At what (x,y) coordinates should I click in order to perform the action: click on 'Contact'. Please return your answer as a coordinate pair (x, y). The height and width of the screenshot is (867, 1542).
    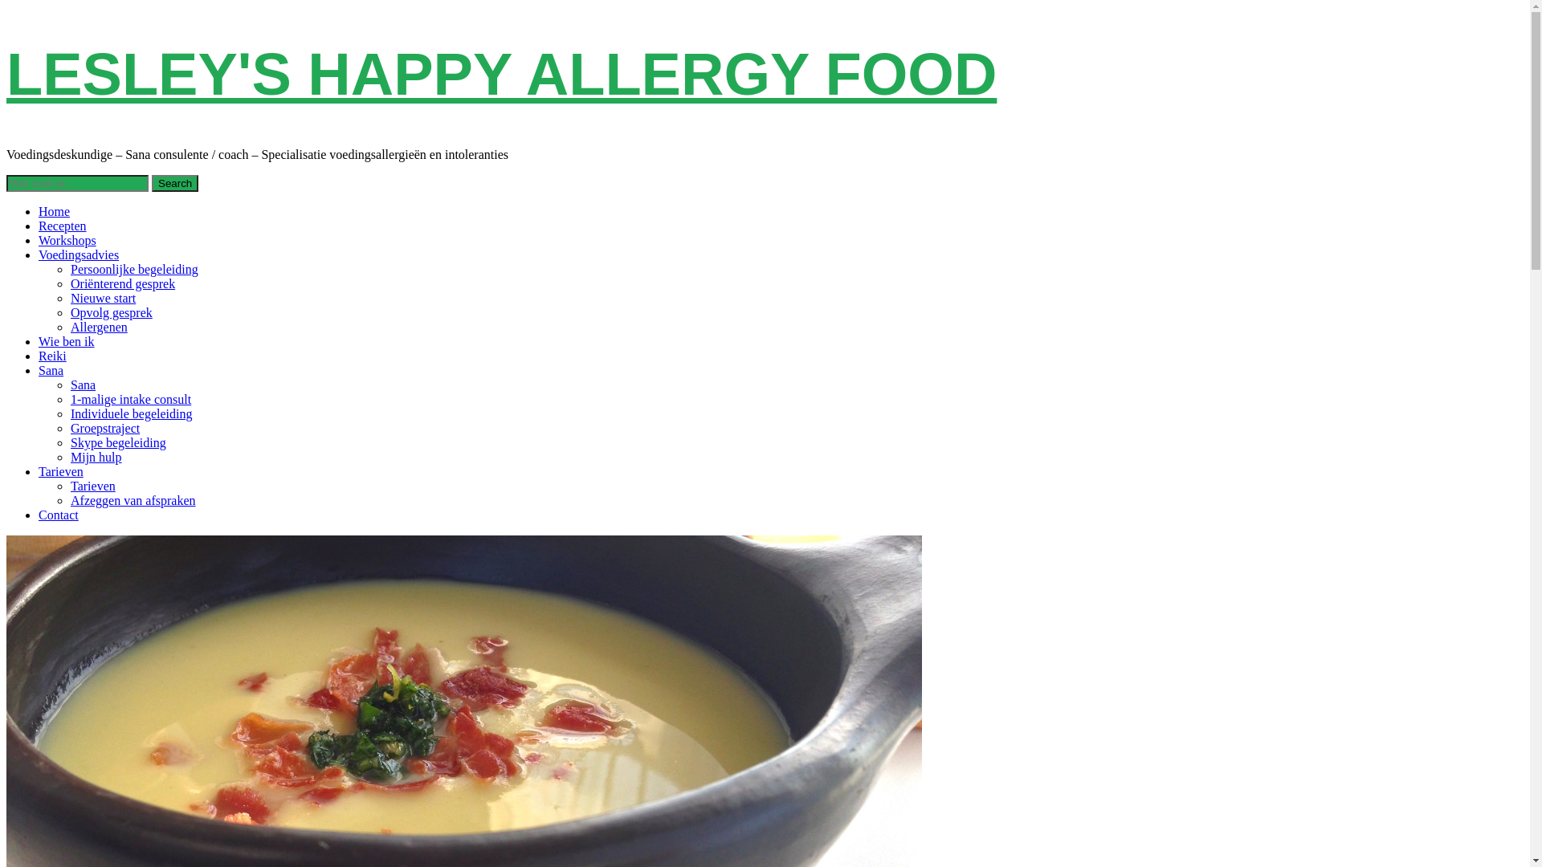
    Looking at the image, I should click on (58, 515).